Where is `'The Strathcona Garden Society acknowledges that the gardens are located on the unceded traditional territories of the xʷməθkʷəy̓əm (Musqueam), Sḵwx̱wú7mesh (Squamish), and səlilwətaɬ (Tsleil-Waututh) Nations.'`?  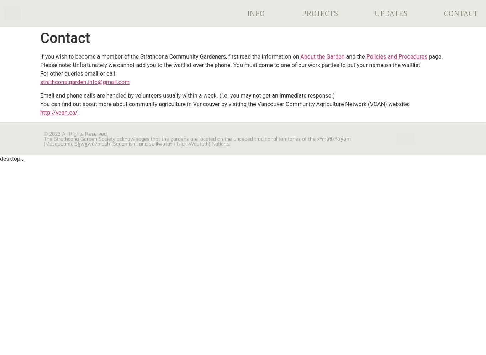 'The Strathcona Garden Society acknowledges that the gardens are located on the unceded traditional territories of the xʷməθkʷəy̓əm (Musqueam), Sḵwx̱wú7mesh (Squamish), and səlilwətaɬ (Tsleil-Waututh) Nations.' is located at coordinates (197, 141).